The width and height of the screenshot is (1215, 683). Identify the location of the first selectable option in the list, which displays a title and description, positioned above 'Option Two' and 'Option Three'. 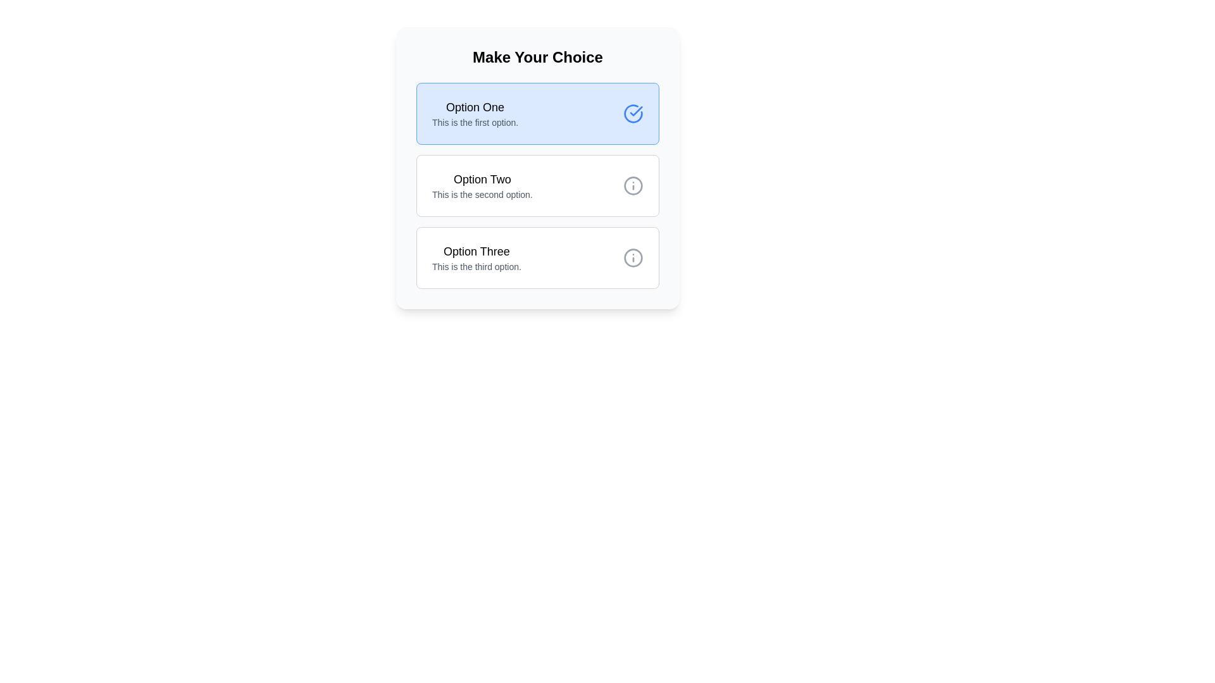
(537, 114).